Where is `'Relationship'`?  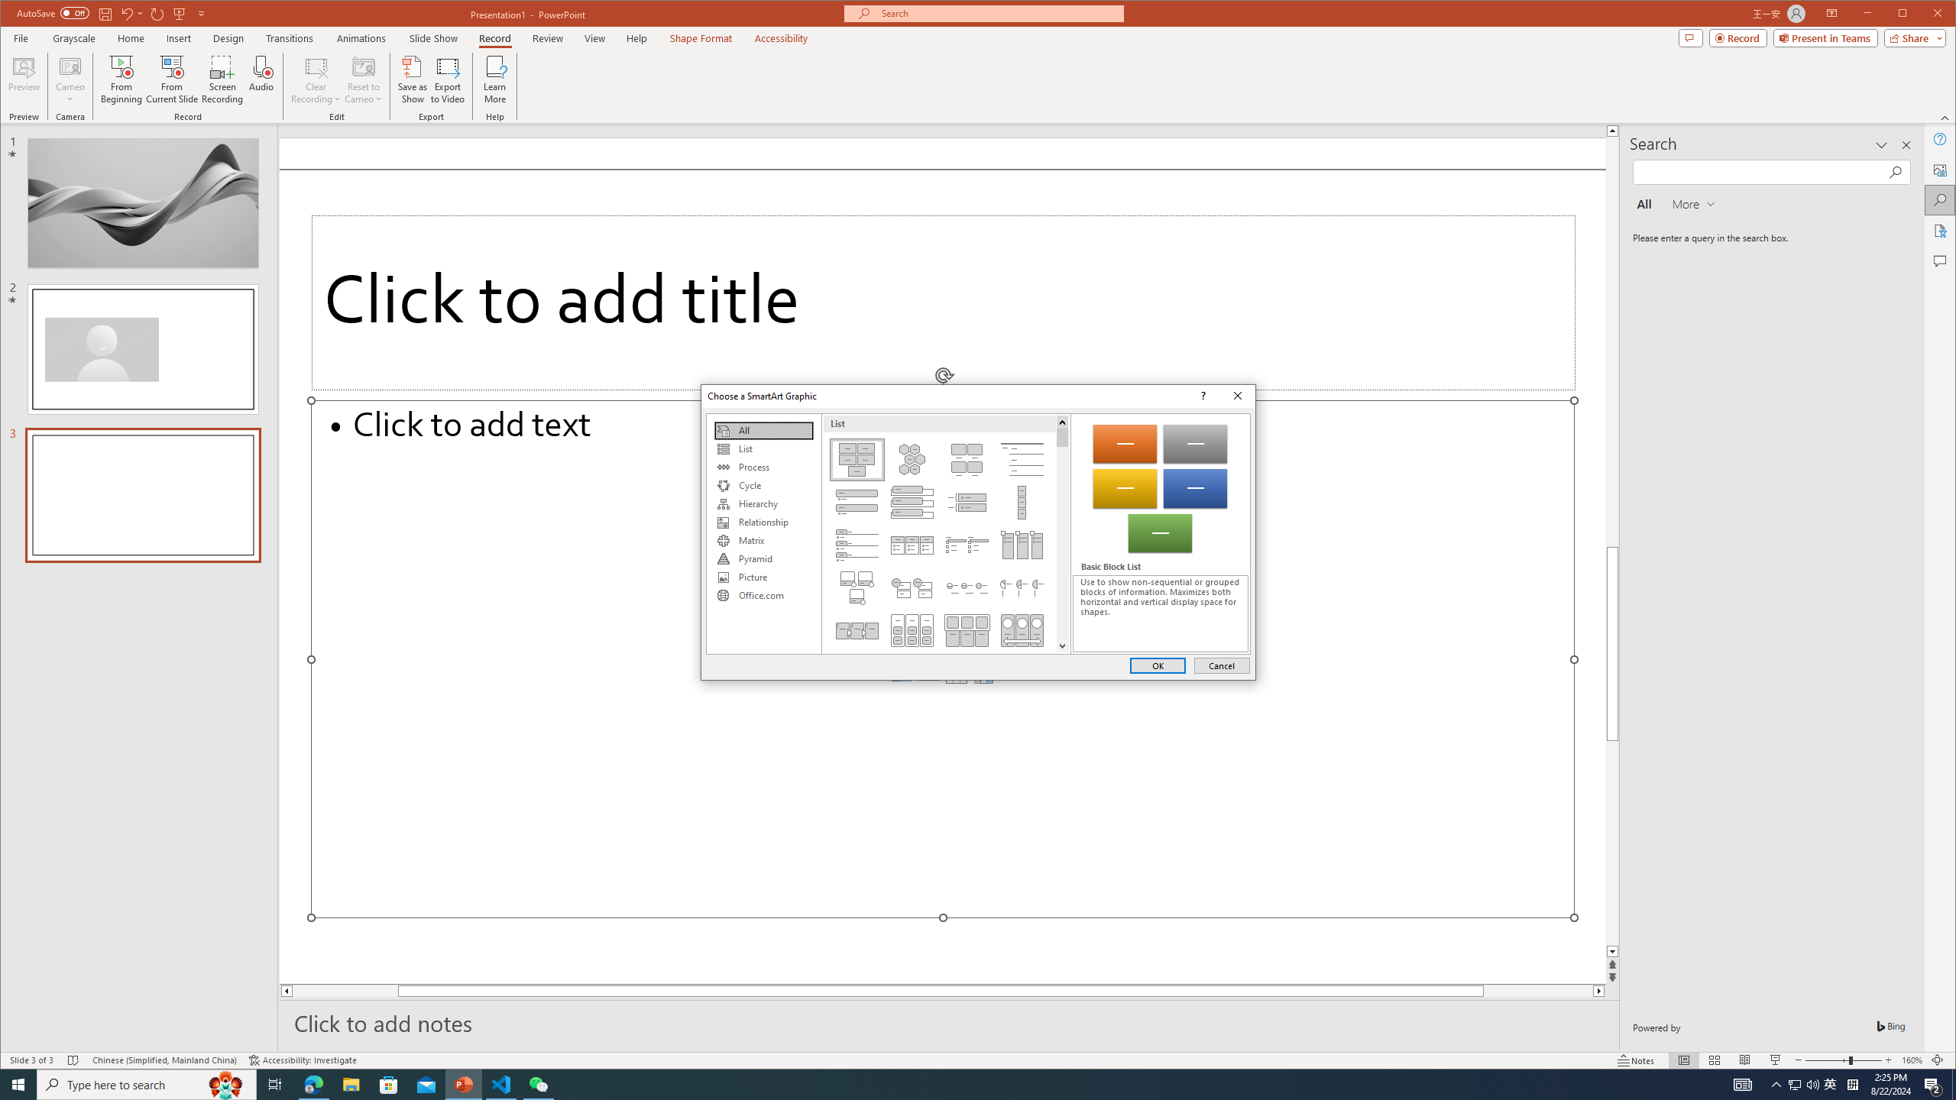
'Relationship' is located at coordinates (763, 522).